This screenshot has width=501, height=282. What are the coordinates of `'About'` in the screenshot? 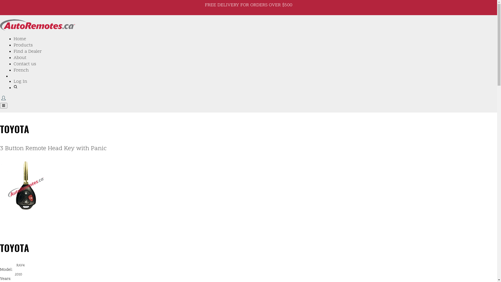 It's located at (20, 58).